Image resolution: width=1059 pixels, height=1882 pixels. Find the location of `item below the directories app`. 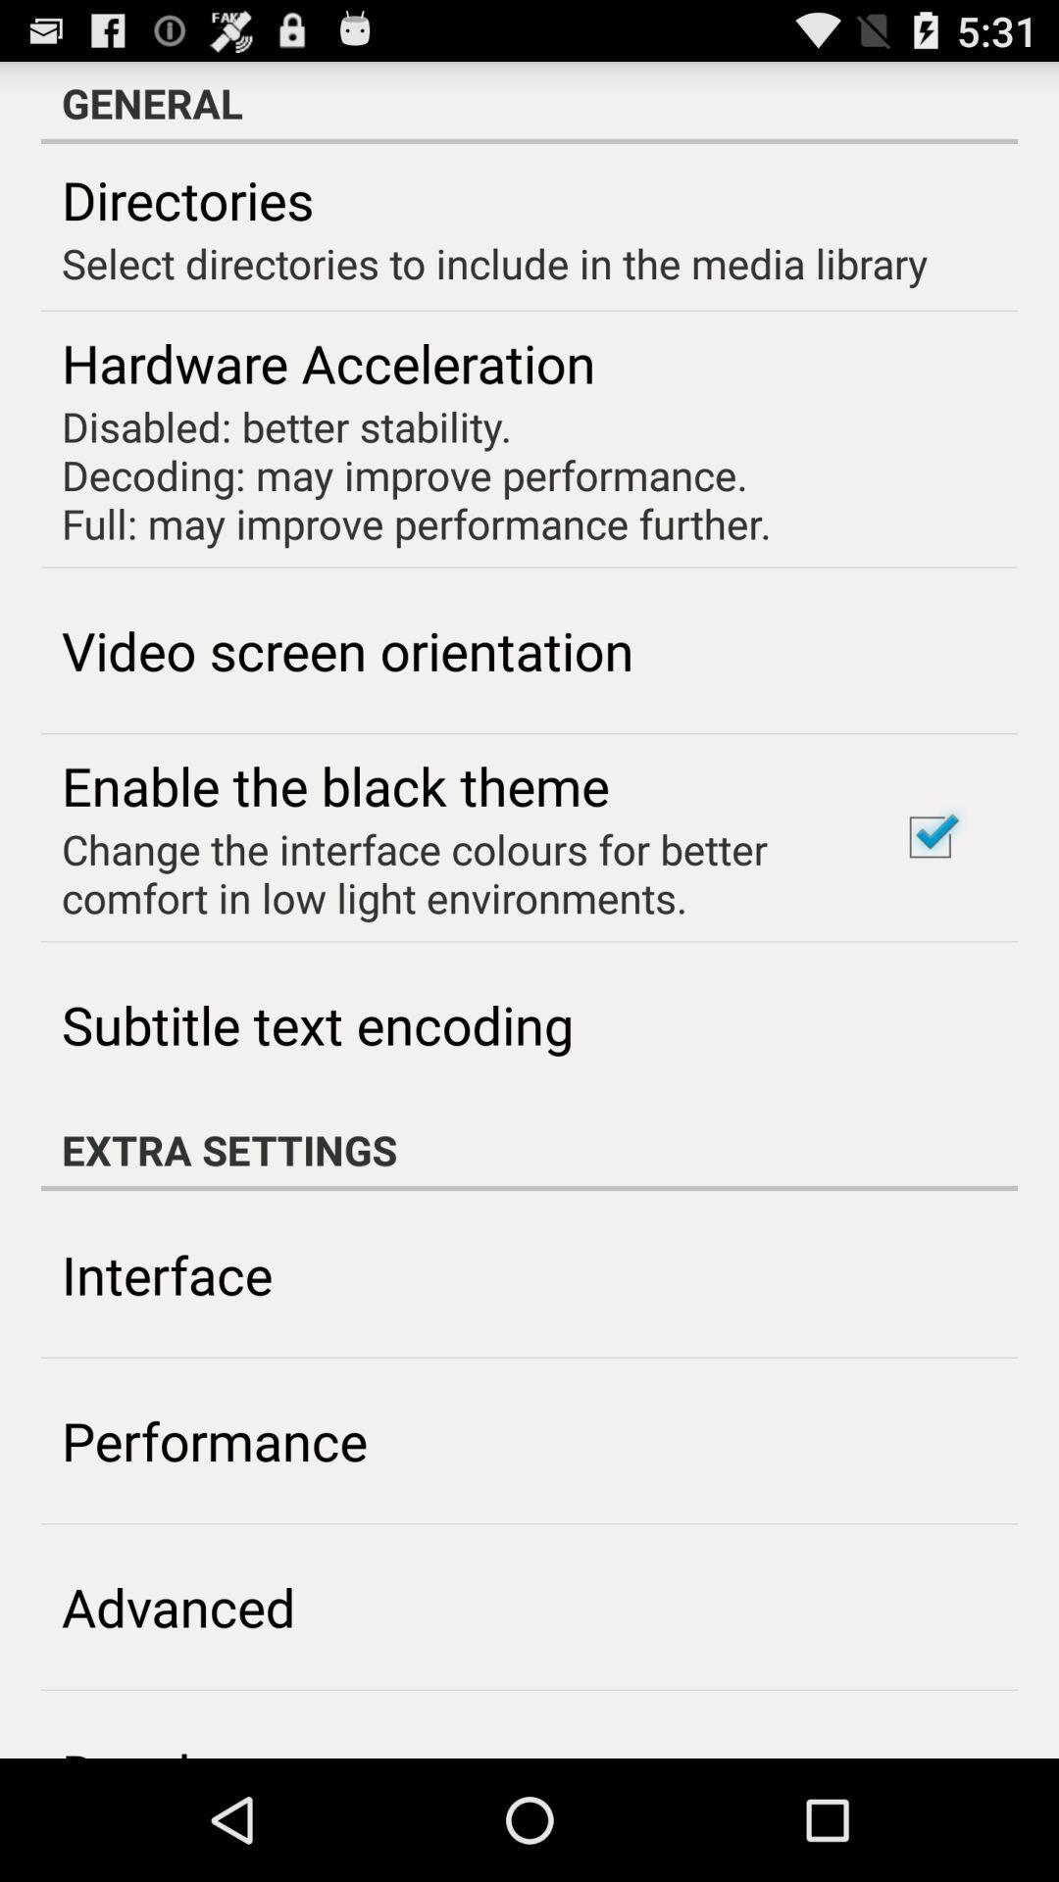

item below the directories app is located at coordinates (493, 262).